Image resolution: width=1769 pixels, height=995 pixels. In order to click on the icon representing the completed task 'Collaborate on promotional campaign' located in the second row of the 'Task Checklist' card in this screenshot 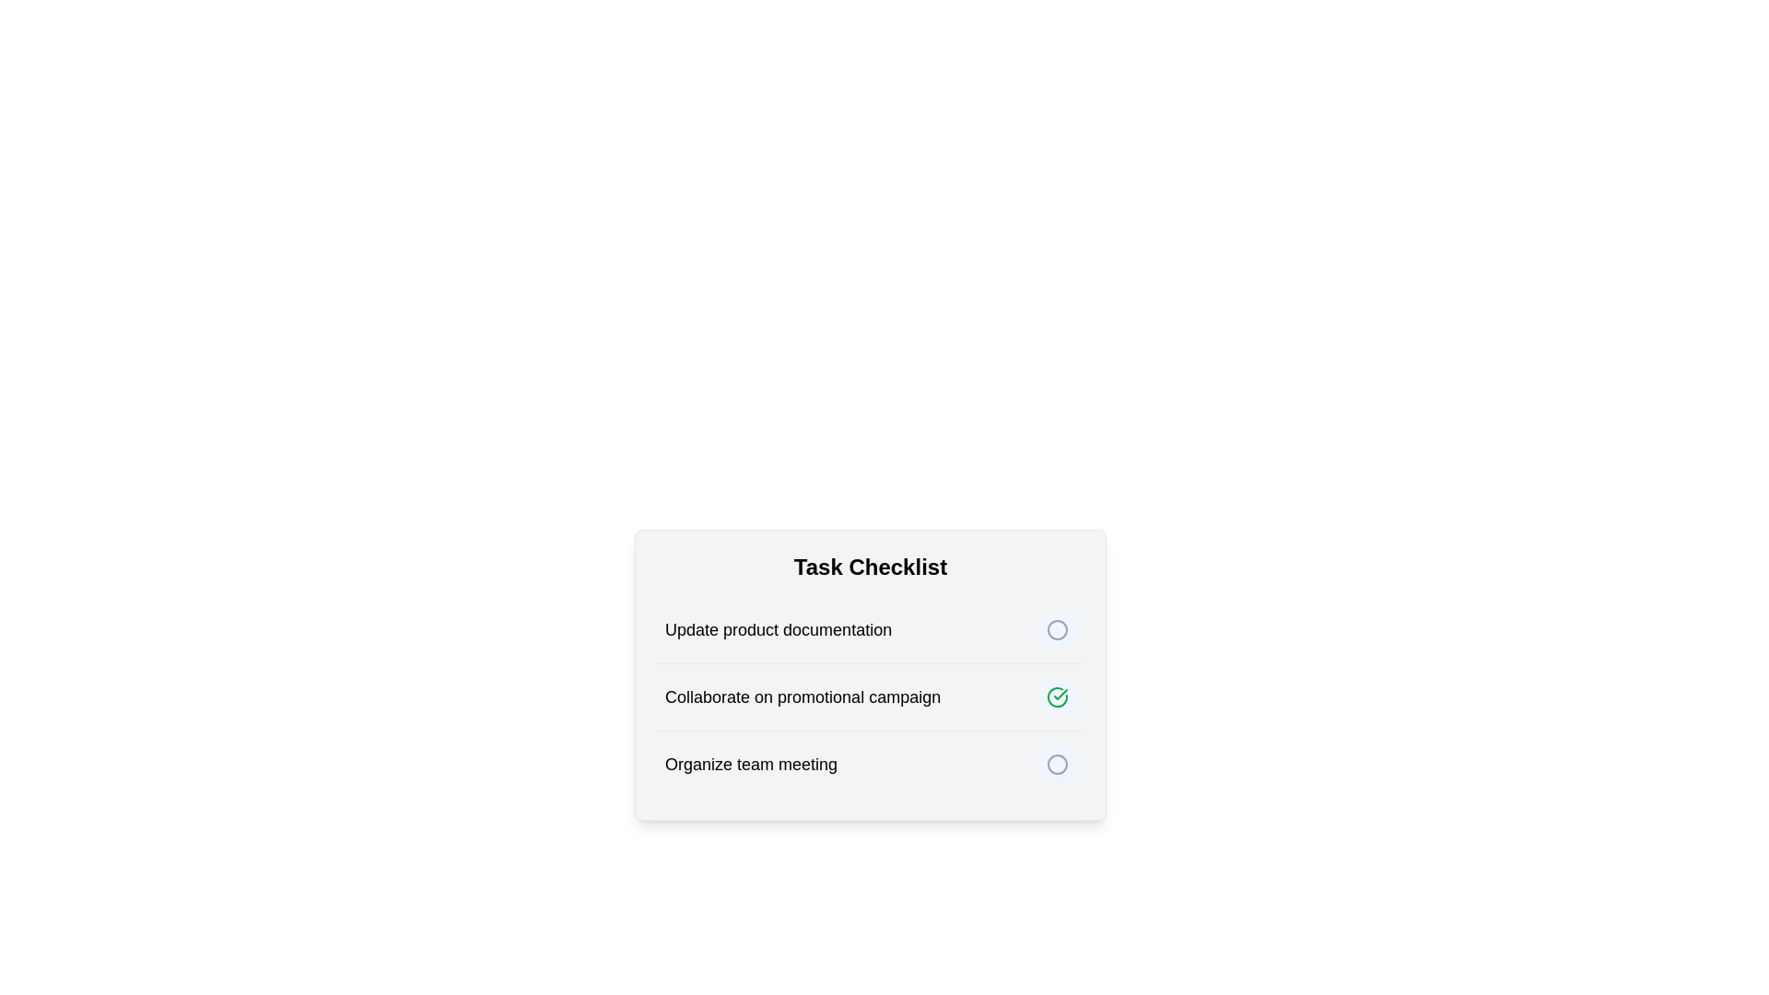, I will do `click(1057, 696)`.